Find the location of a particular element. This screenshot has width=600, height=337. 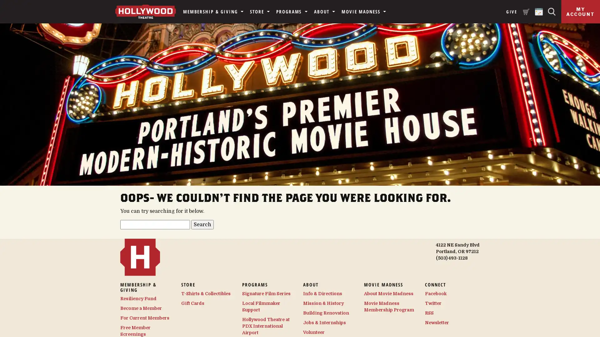

MOVIE MADNESS is located at coordinates (363, 12).